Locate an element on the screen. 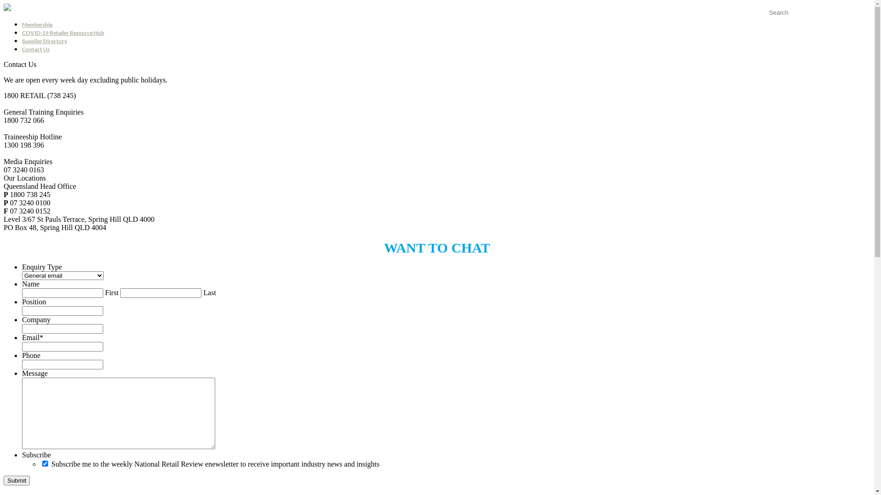 The width and height of the screenshot is (881, 495). 'Membership' is located at coordinates (37, 24).